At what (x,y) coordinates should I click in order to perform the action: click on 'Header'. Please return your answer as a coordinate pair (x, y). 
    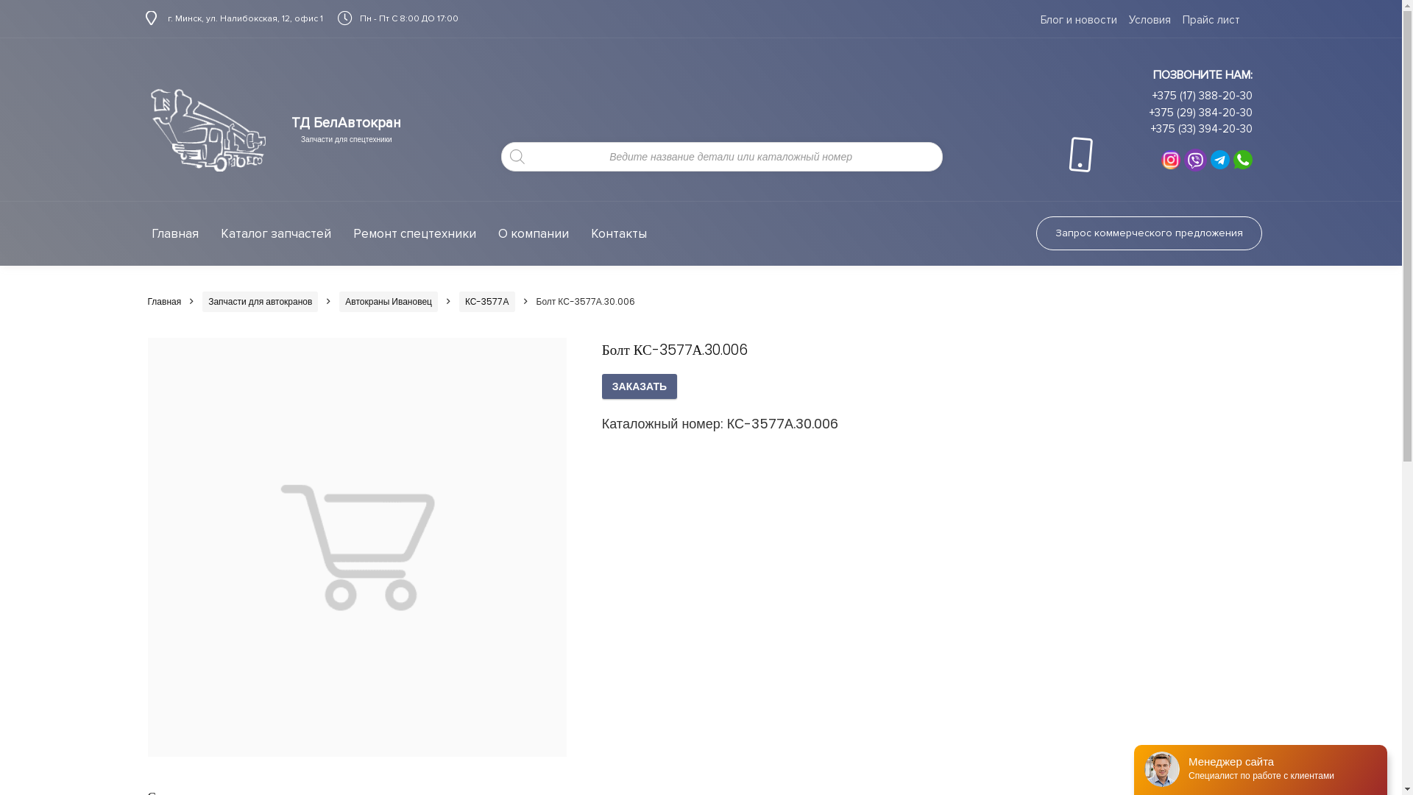
    Looking at the image, I should click on (145, 129).